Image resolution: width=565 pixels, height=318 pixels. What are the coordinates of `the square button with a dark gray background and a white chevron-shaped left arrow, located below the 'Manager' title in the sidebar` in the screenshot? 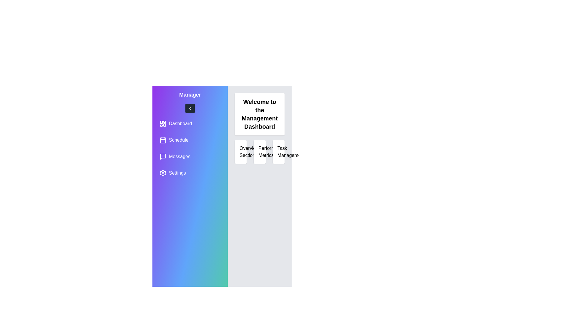 It's located at (190, 108).